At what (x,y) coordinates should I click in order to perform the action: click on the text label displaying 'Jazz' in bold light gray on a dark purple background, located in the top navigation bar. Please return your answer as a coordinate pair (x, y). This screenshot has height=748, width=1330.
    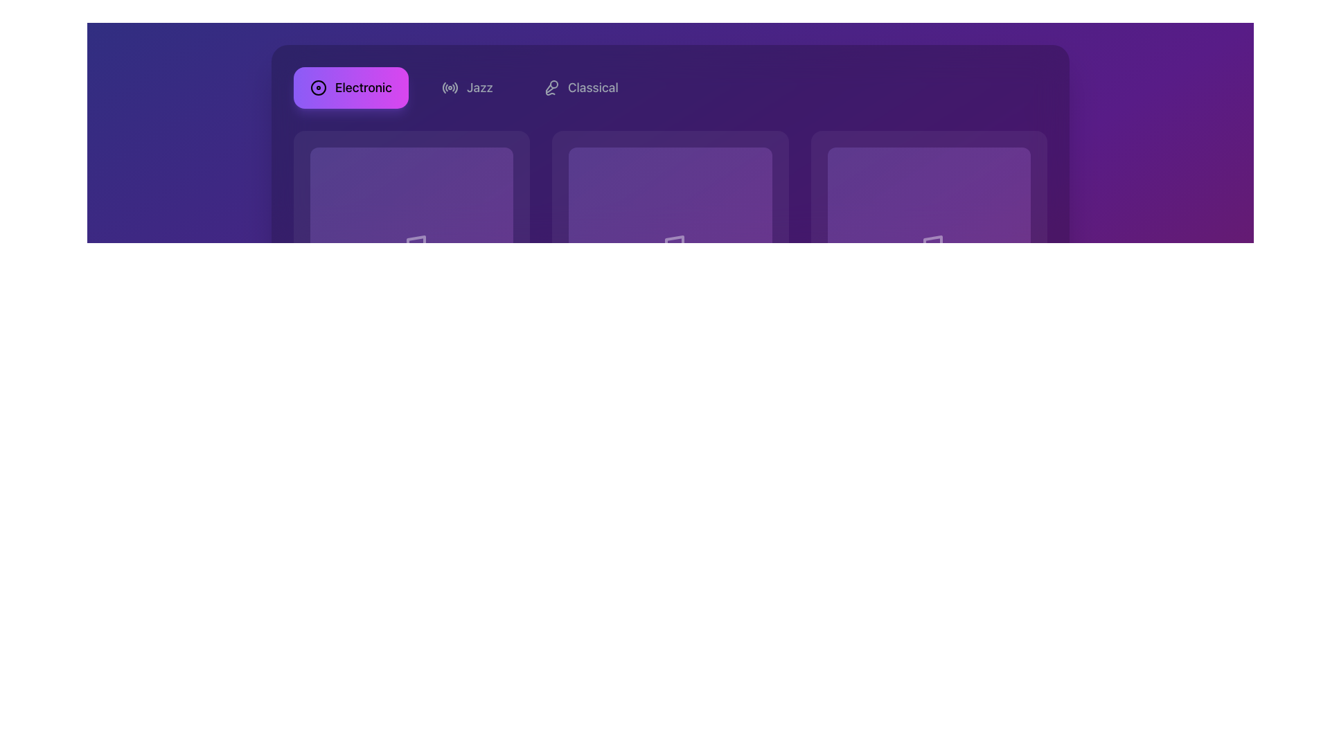
    Looking at the image, I should click on (479, 88).